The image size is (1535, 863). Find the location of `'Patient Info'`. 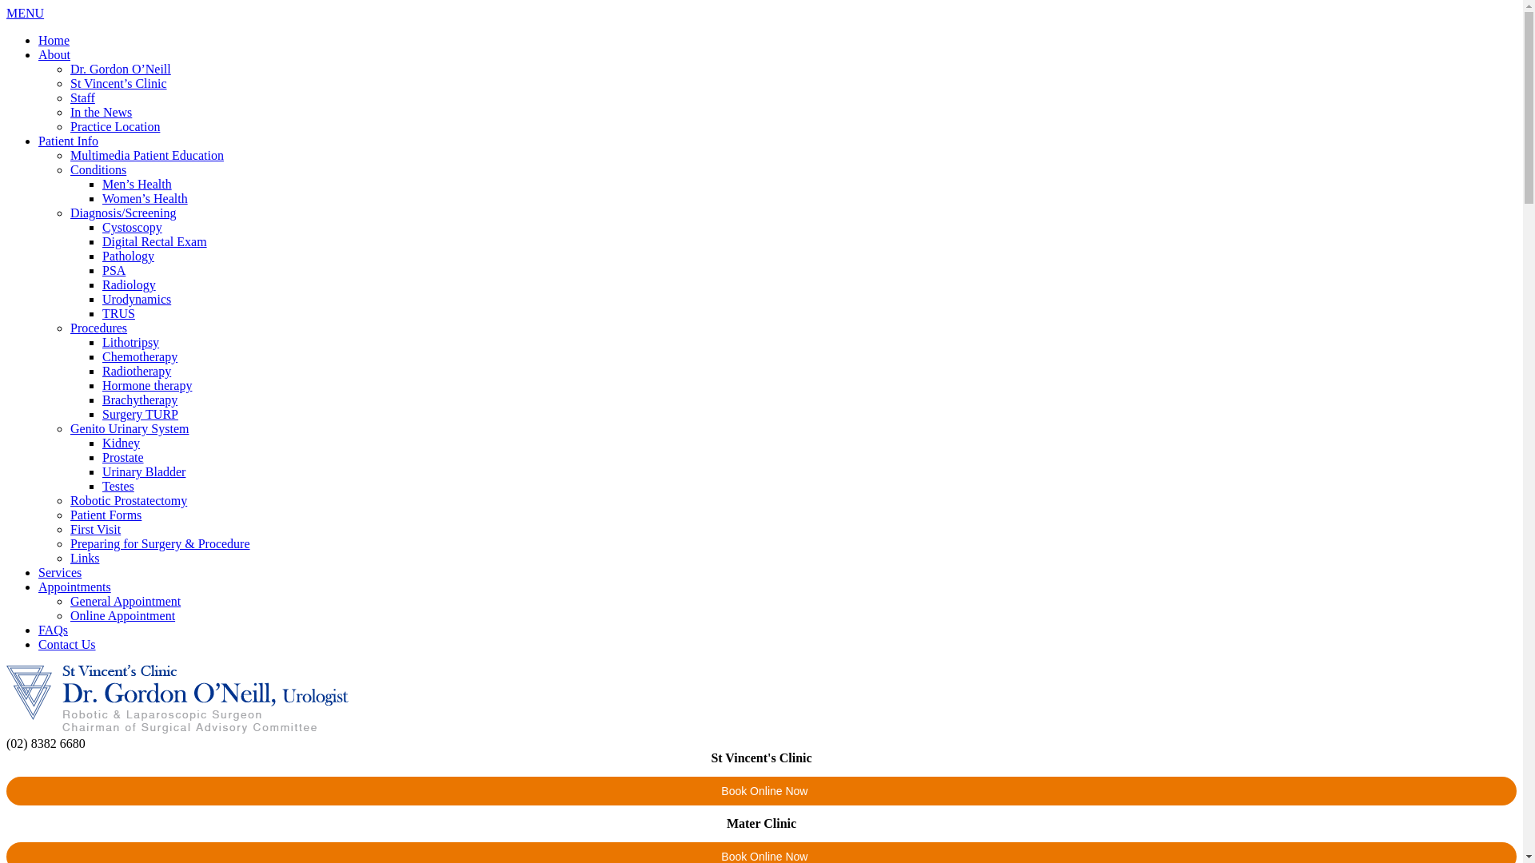

'Patient Info' is located at coordinates (67, 140).